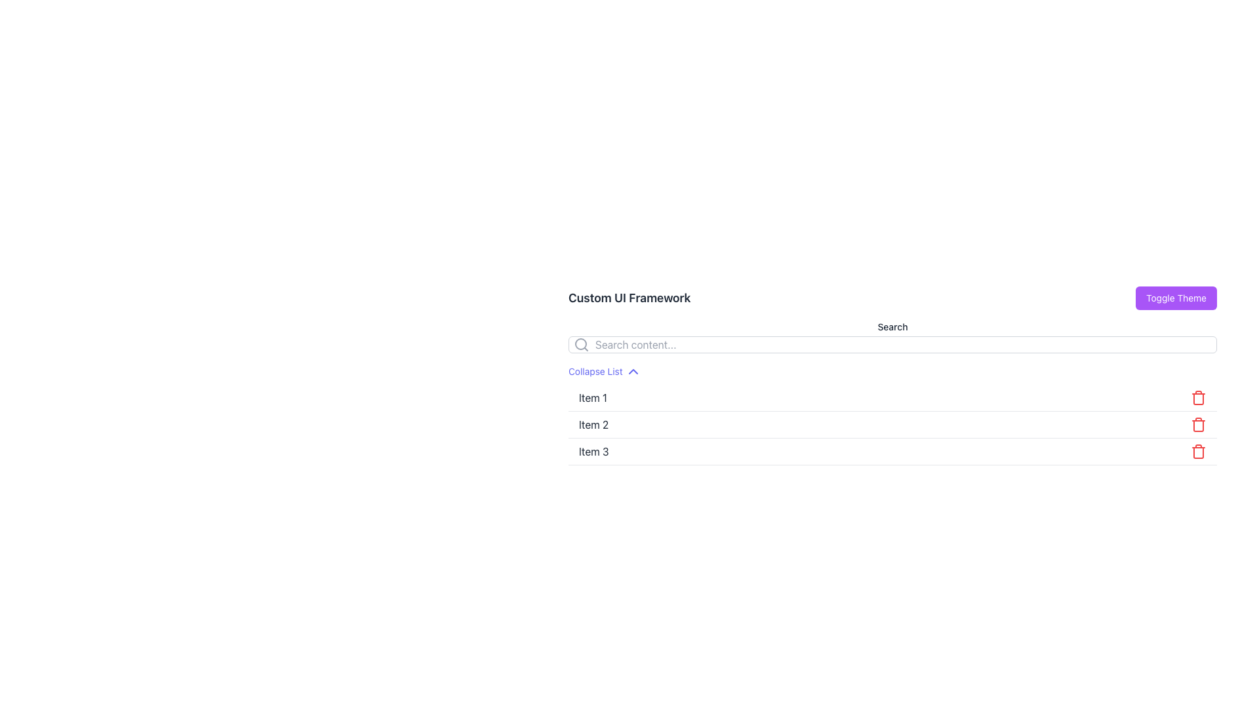 This screenshot has width=1259, height=708. What do you see at coordinates (633, 372) in the screenshot?
I see `the collapse icon located to the right of the 'Collapse List' text` at bounding box center [633, 372].